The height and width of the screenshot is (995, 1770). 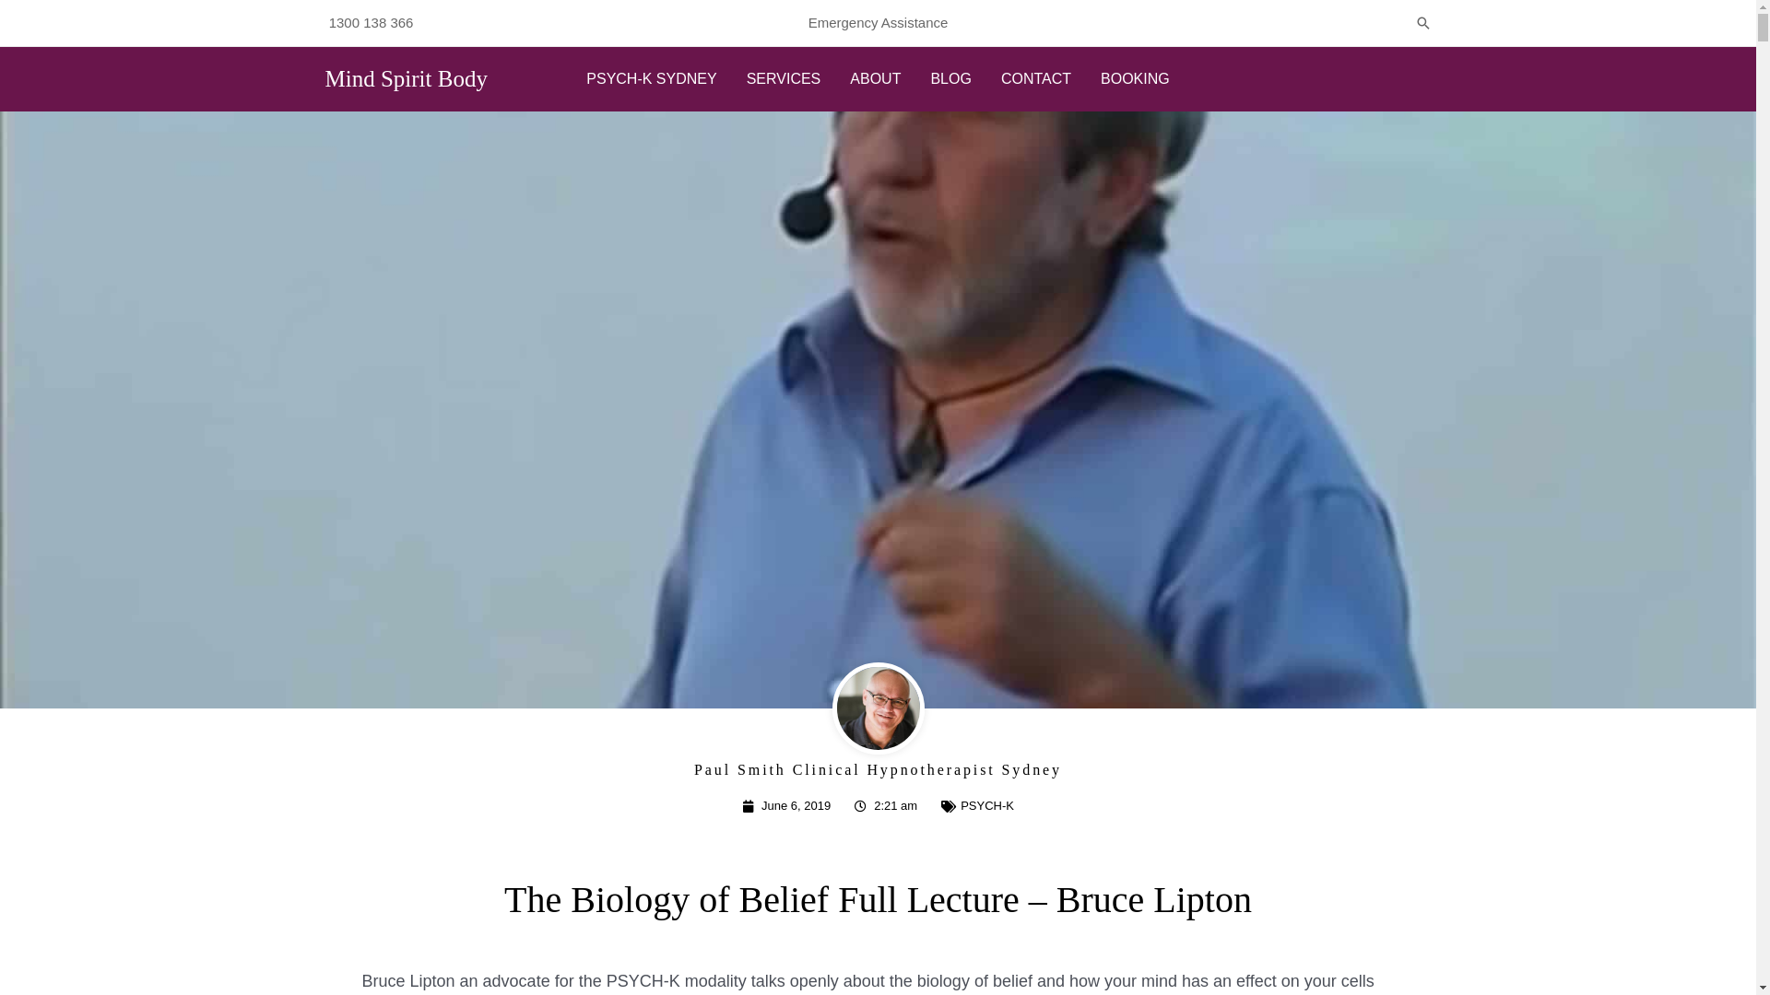 What do you see at coordinates (371, 22) in the screenshot?
I see `'1300 138 366'` at bounding box center [371, 22].